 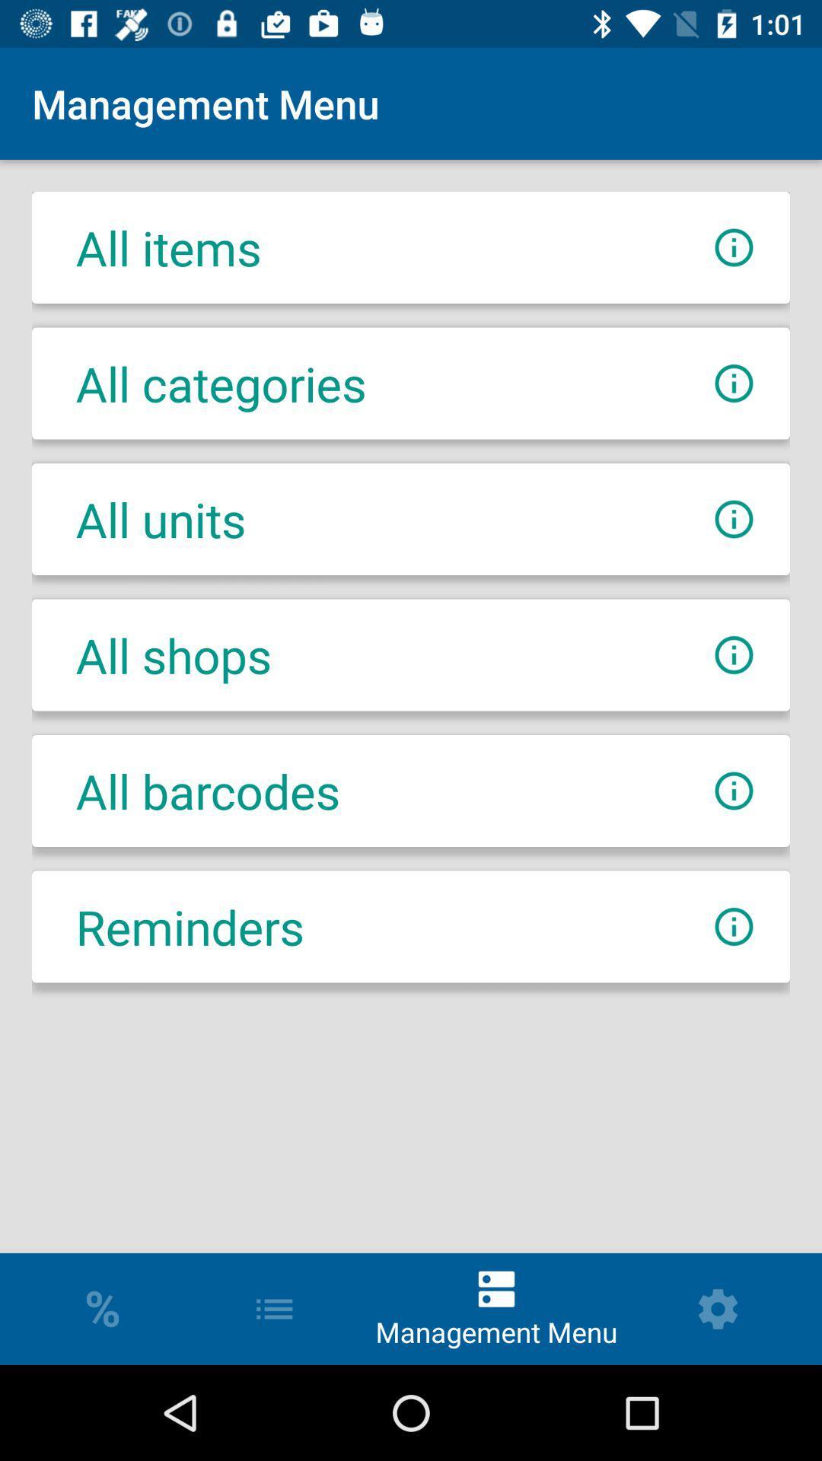 What do you see at coordinates (733, 926) in the screenshot?
I see `information about the reminders tab` at bounding box center [733, 926].